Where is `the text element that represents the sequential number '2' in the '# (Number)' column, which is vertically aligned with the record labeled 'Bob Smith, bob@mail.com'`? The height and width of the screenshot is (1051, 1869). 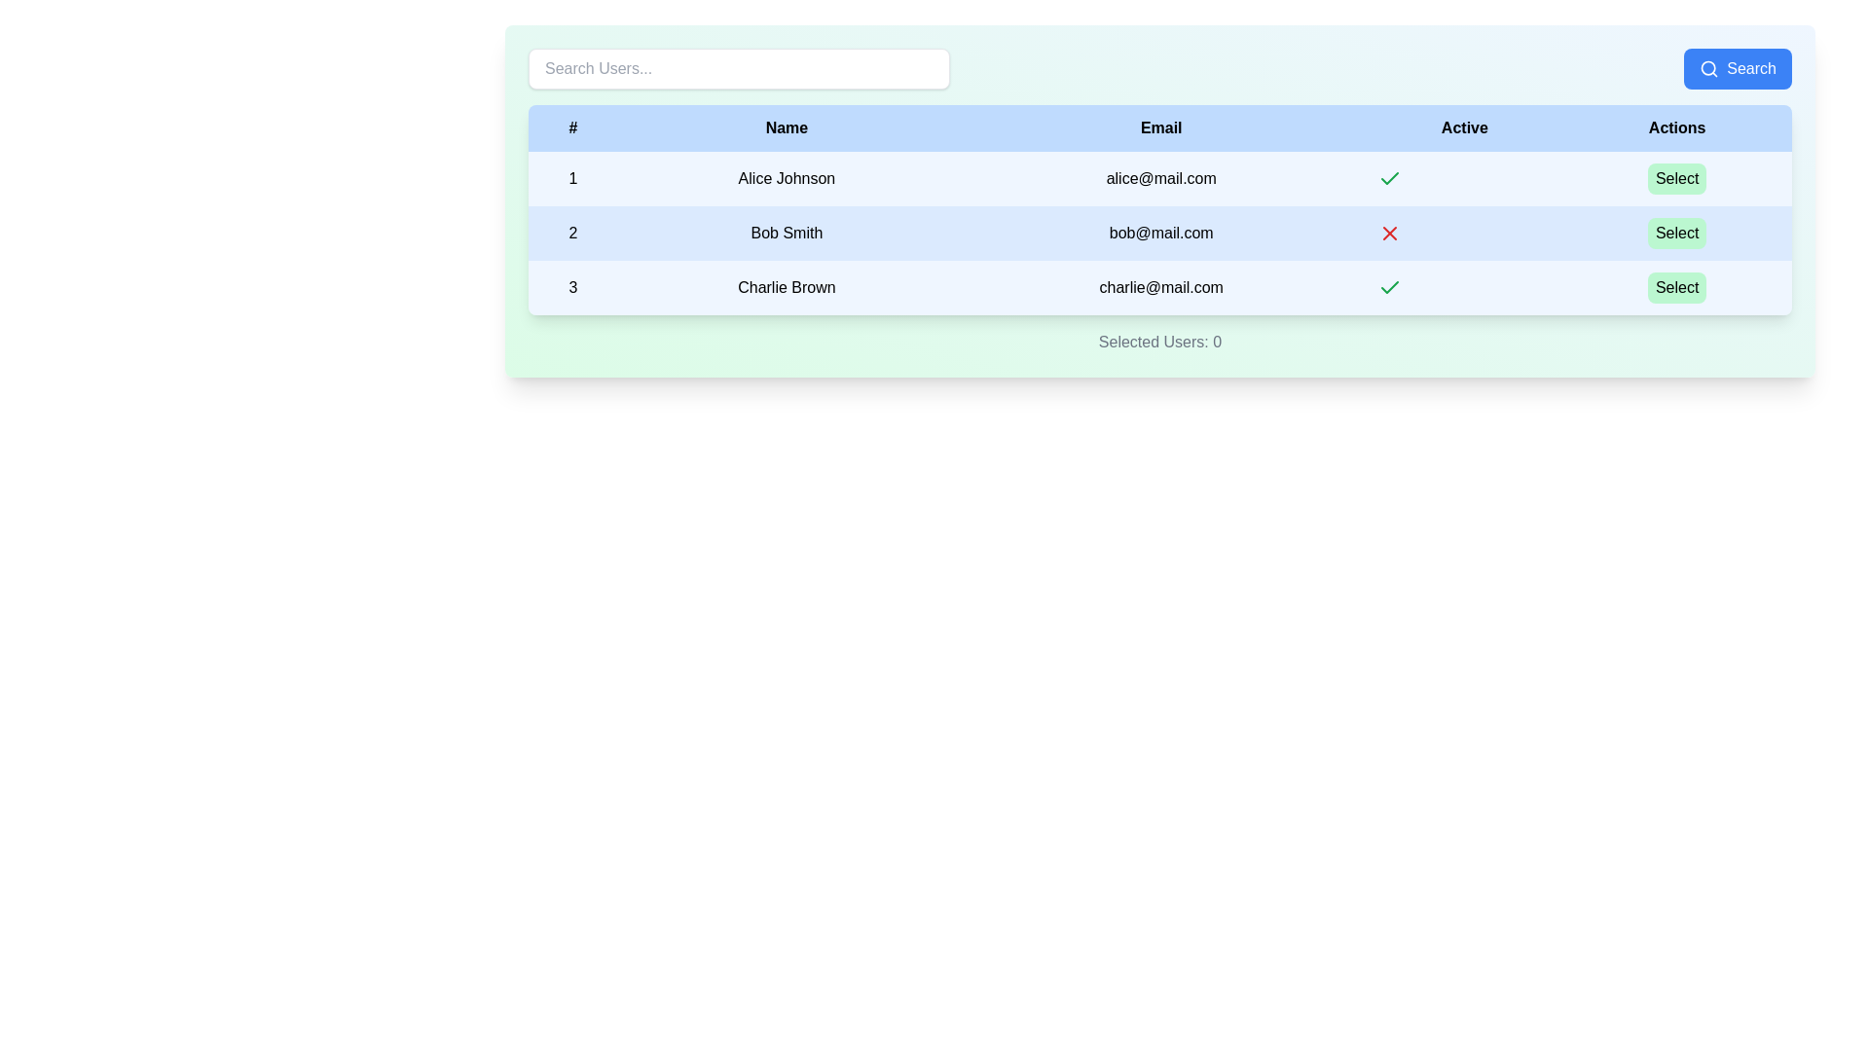
the text element that represents the sequential number '2' in the '# (Number)' column, which is vertically aligned with the record labeled 'Bob Smith, bob@mail.com' is located at coordinates (571, 232).